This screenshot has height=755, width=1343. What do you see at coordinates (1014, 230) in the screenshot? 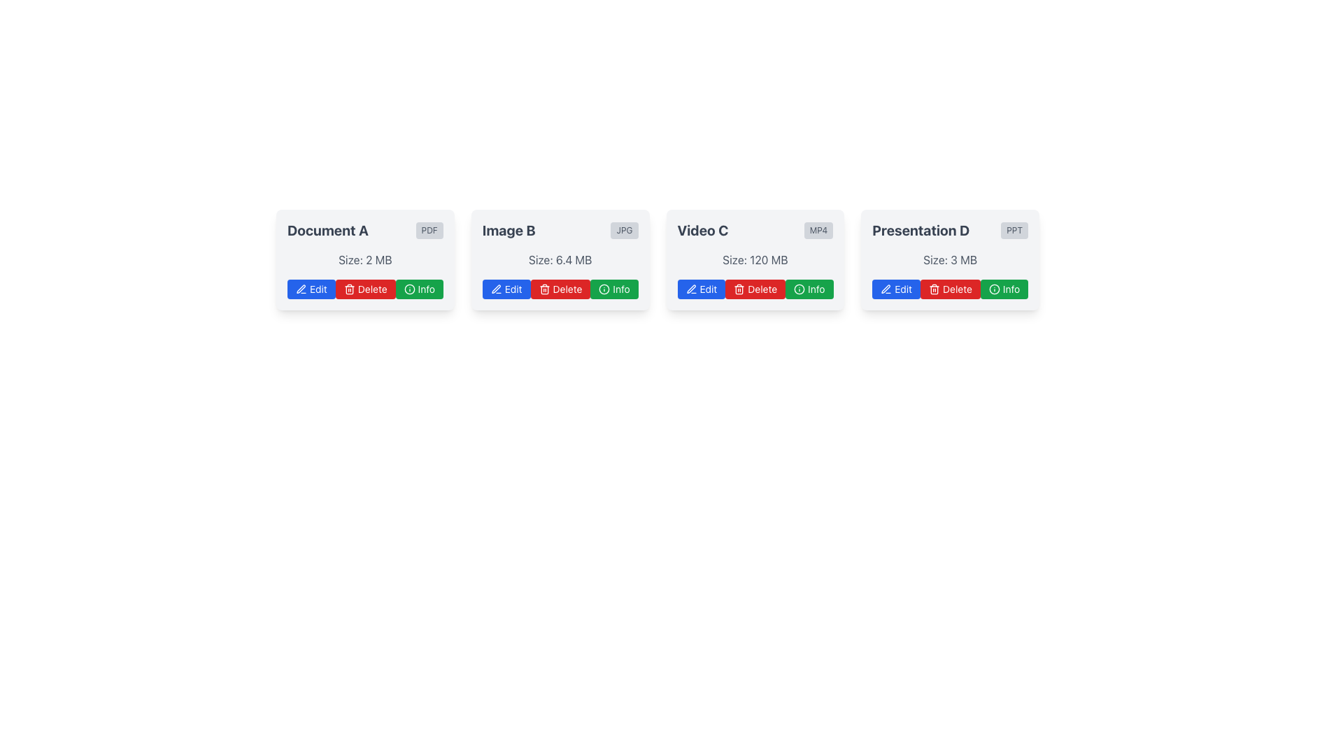
I see `the file type indicator badge for 'Presentation D' located at the top-right corner of its card` at bounding box center [1014, 230].